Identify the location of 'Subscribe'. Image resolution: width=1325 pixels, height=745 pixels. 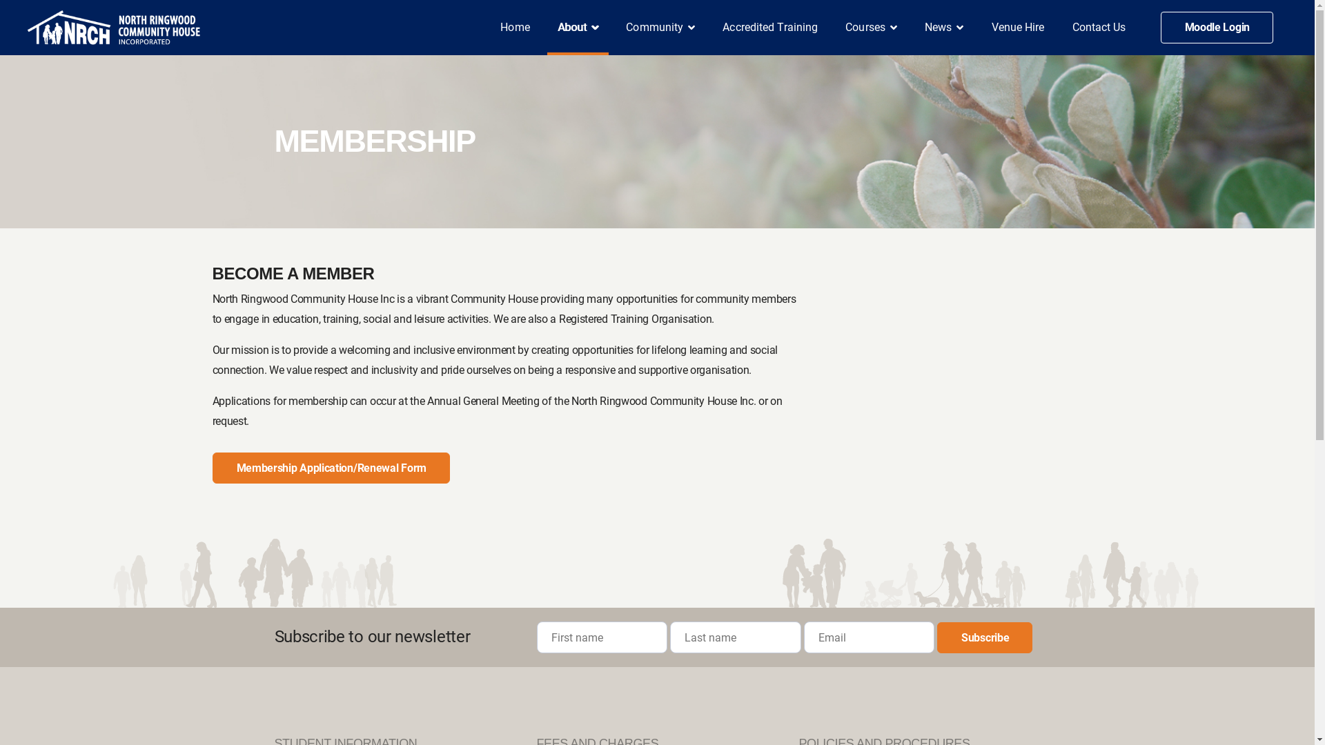
(983, 637).